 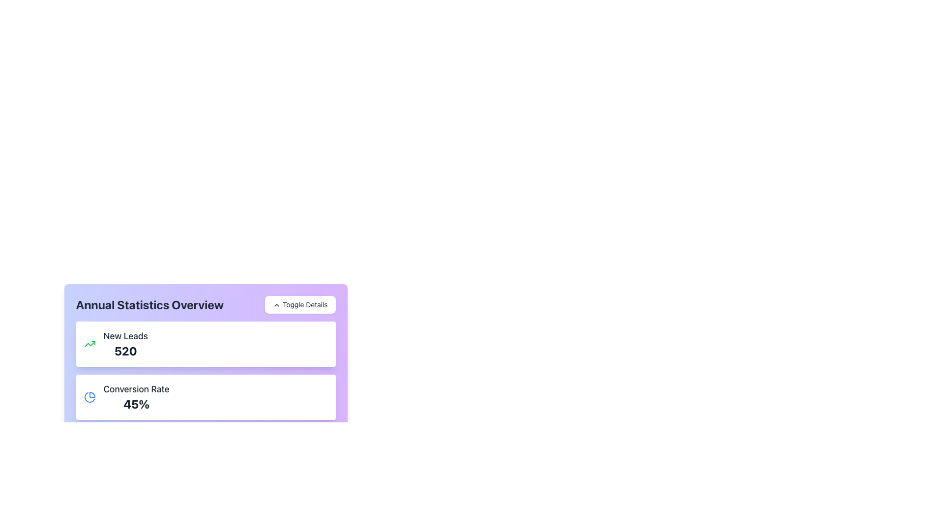 I want to click on the growth icon located to the left of the 'New Leads' text in the first card of the dashboard to interpret its meaning, so click(x=89, y=343).